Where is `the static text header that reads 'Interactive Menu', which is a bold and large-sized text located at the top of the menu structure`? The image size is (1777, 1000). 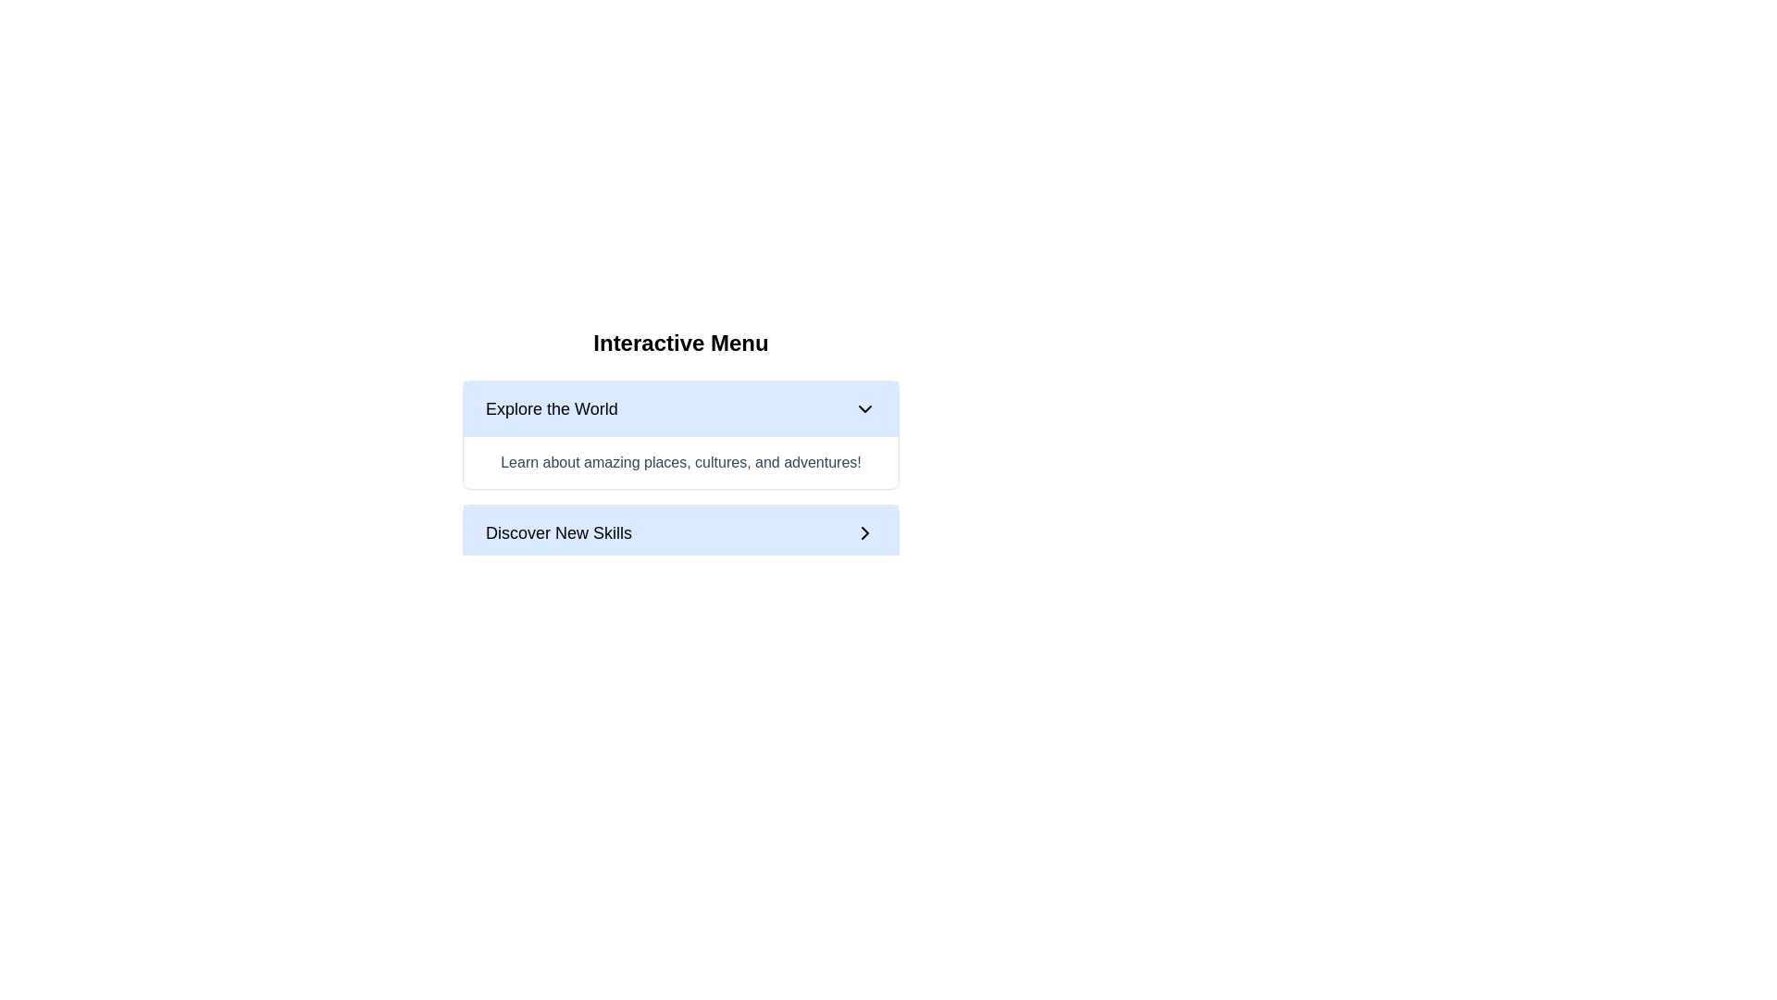
the static text header that reads 'Interactive Menu', which is a bold and large-sized text located at the top of the menu structure is located at coordinates (679, 343).